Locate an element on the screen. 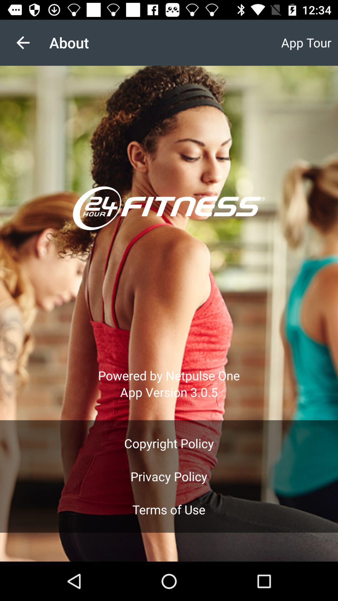  the icon next to the about item is located at coordinates (23, 42).